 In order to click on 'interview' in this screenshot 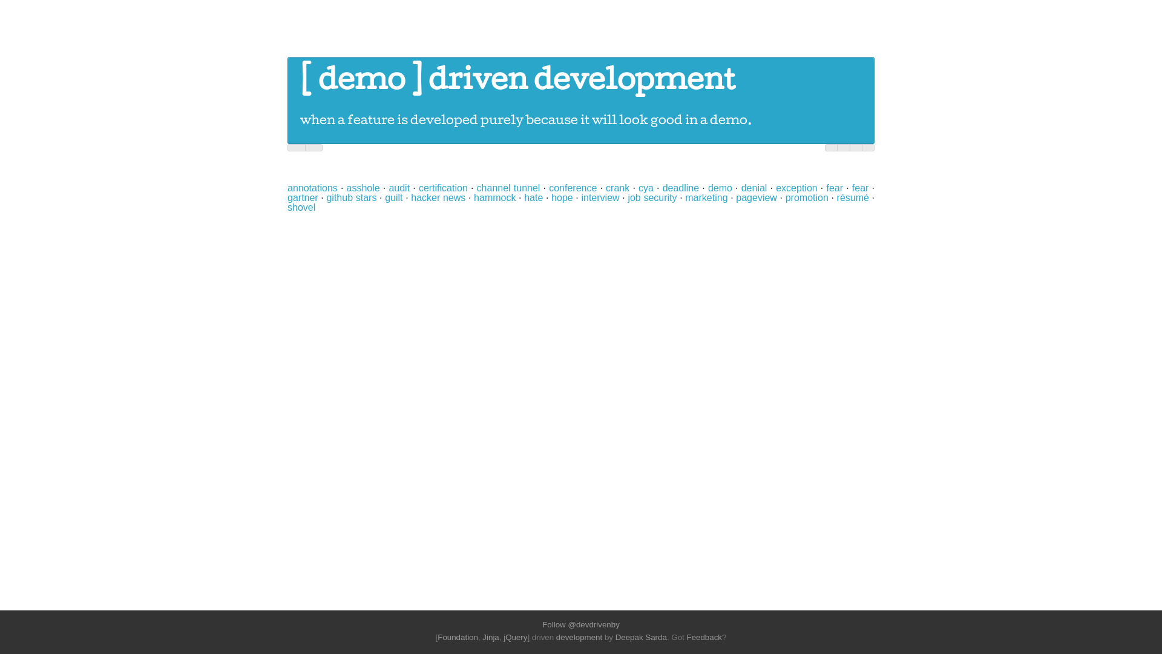, I will do `click(600, 197)`.